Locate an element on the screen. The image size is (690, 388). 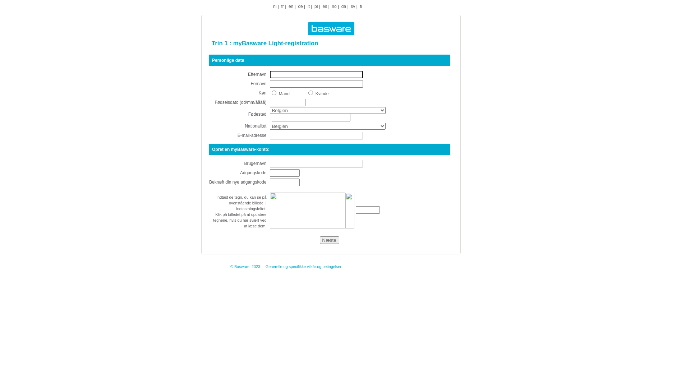
'fi' is located at coordinates (360, 6).